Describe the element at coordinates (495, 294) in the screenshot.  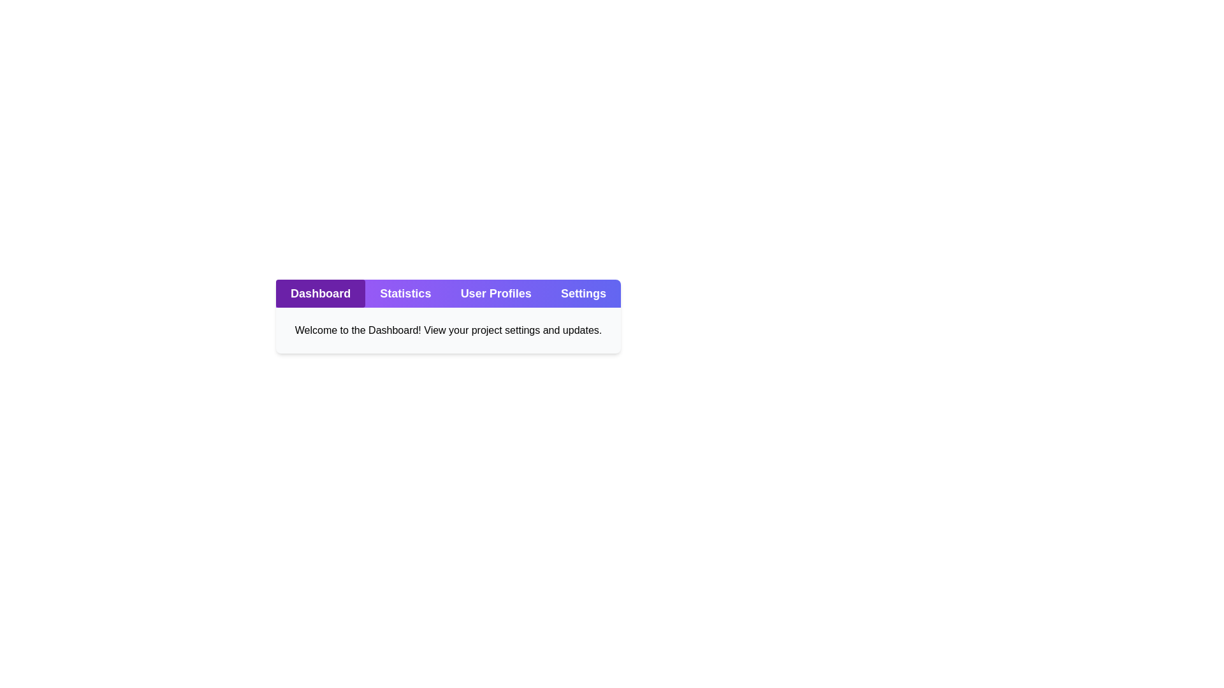
I see `the User Profiles tab to view its content` at that location.